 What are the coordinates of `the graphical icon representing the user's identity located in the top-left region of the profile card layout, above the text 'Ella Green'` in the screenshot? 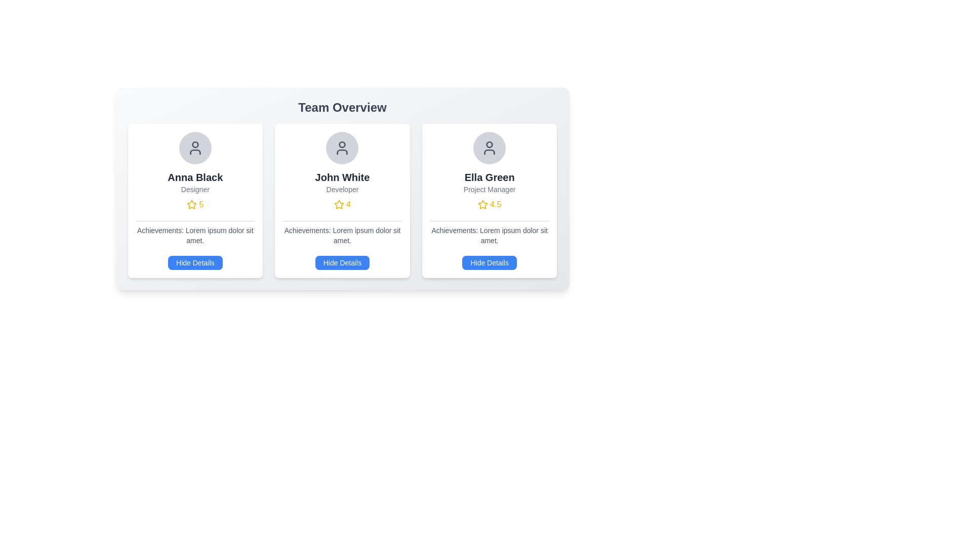 It's located at (490, 145).